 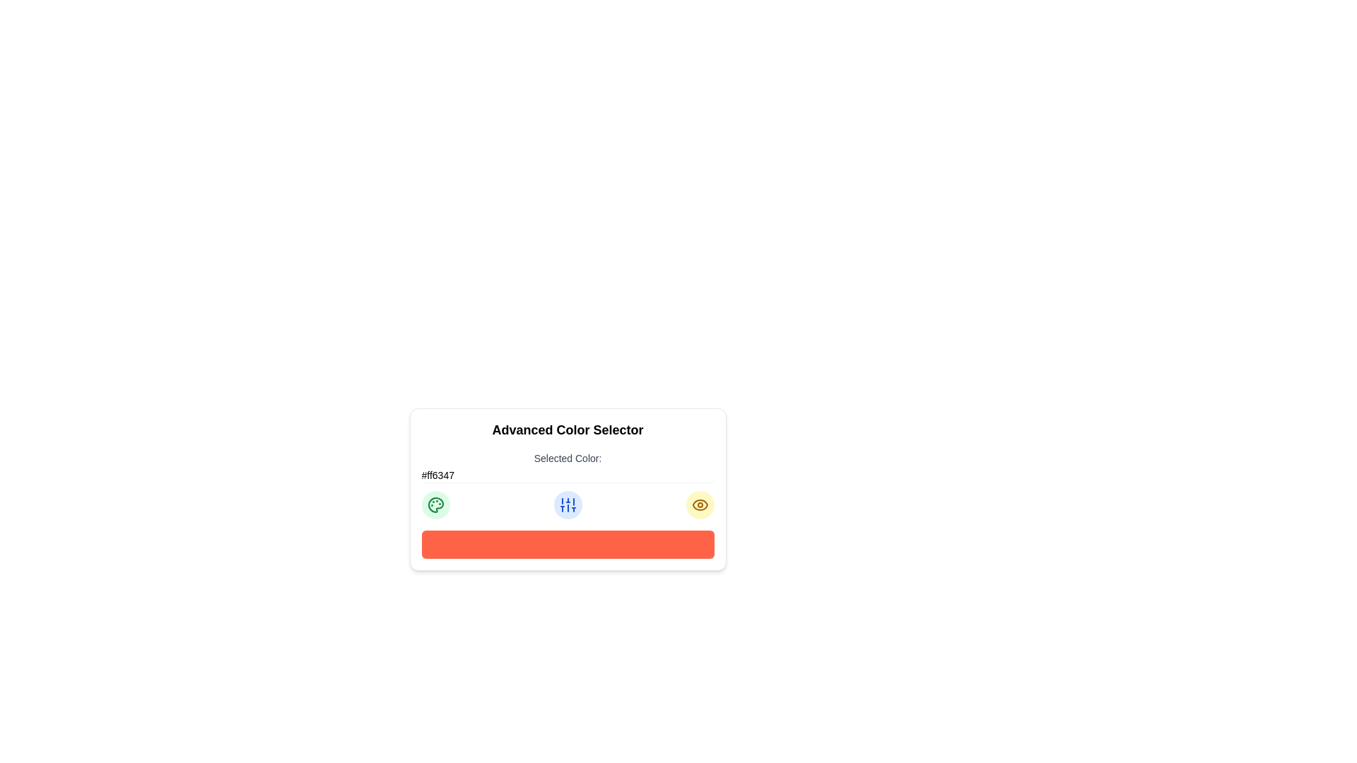 What do you see at coordinates (435, 504) in the screenshot?
I see `the palette icon button with a green outline and paint dabs` at bounding box center [435, 504].